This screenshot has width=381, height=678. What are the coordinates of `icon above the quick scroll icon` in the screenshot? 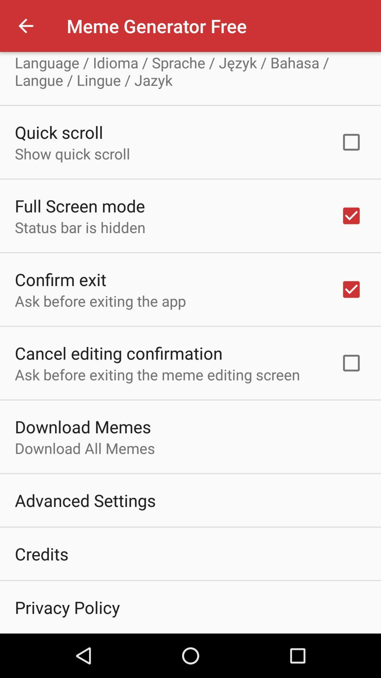 It's located at (190, 71).